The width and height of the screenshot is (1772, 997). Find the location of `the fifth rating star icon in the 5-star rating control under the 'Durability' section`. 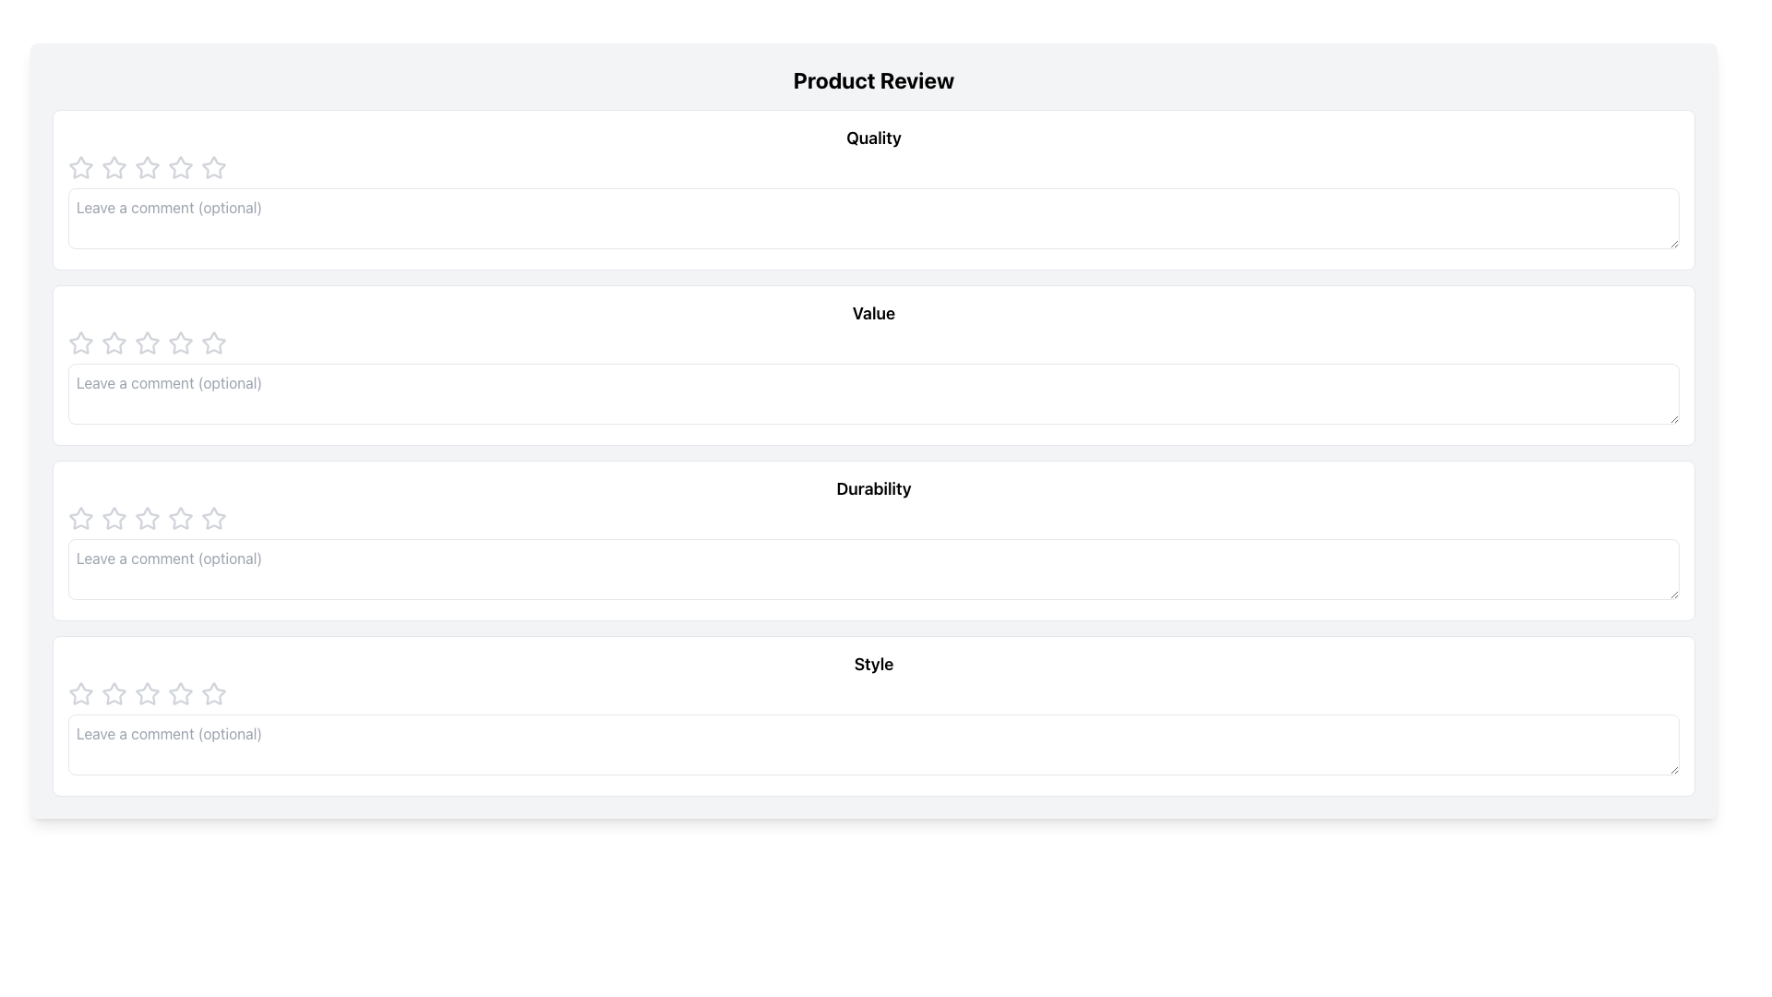

the fifth rating star icon in the 5-star rating control under the 'Durability' section is located at coordinates (213, 519).